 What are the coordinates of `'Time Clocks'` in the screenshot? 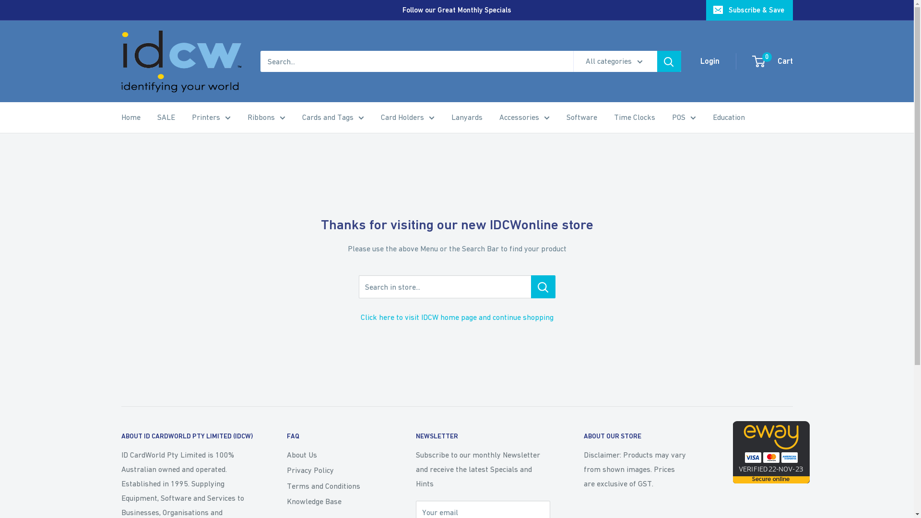 It's located at (635, 117).